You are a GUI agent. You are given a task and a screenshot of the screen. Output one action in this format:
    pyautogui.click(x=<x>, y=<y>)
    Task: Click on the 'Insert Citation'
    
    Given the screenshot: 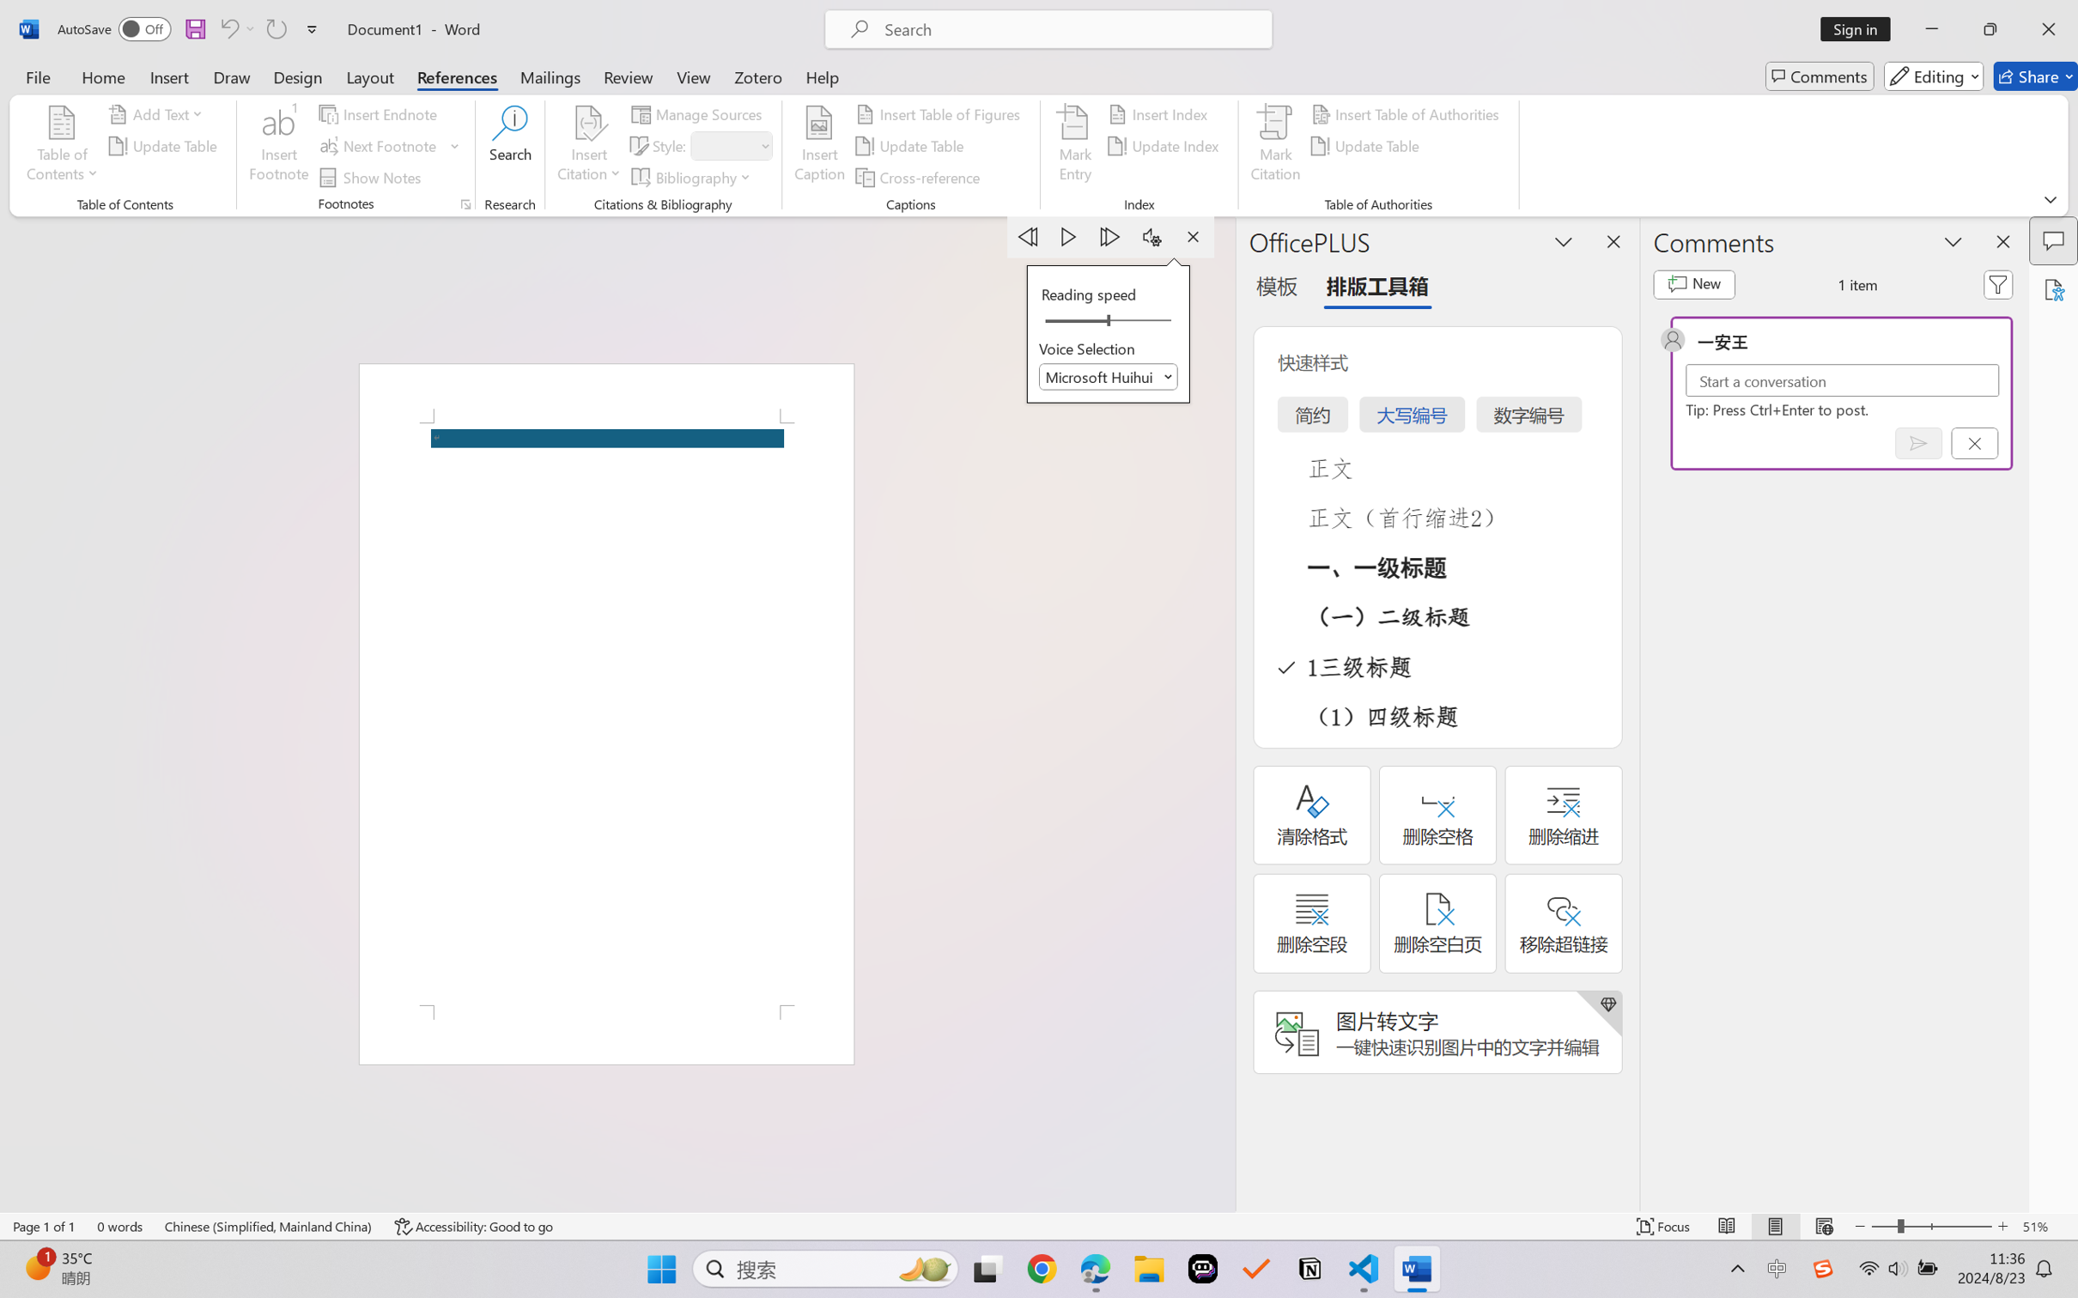 What is the action you would take?
    pyautogui.click(x=587, y=146)
    